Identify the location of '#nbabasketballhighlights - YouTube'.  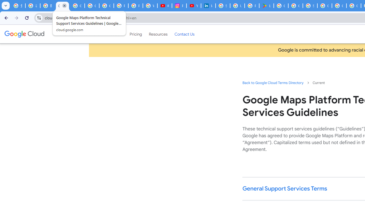
(164, 6).